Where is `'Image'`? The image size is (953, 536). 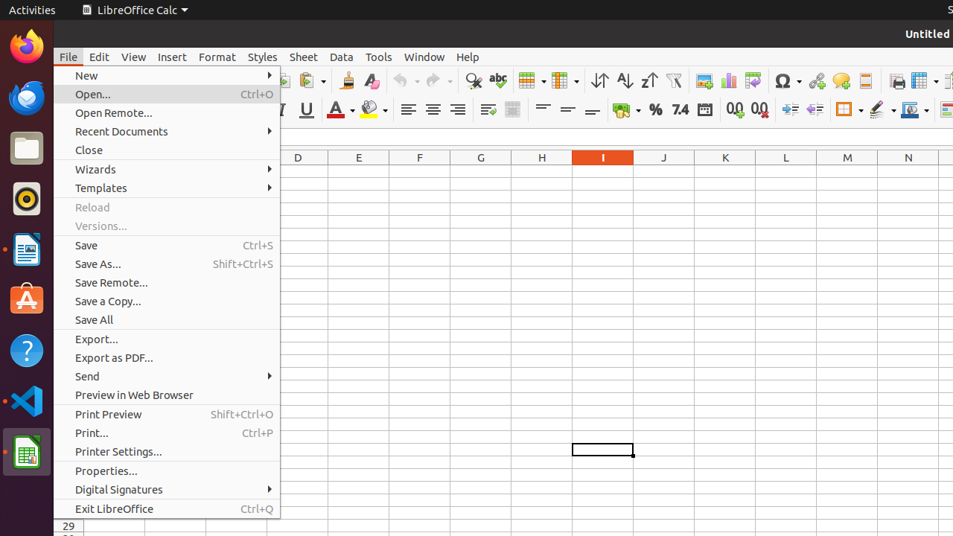
'Image' is located at coordinates (703, 80).